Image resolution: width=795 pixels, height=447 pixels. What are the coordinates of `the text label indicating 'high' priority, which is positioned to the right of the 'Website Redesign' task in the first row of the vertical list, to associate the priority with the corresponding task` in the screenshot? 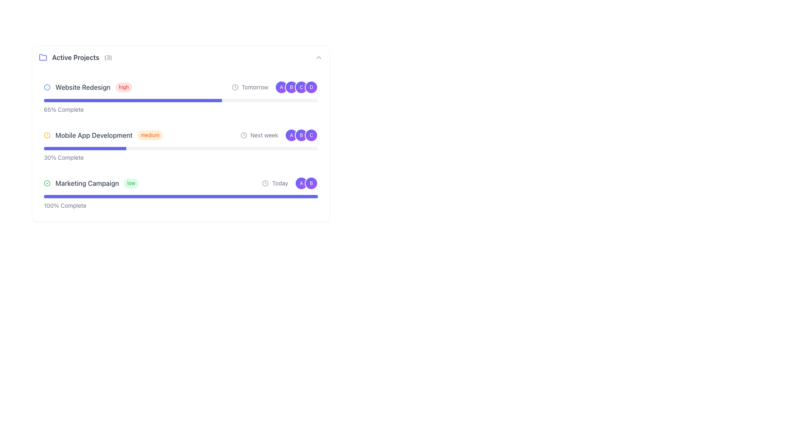 It's located at (123, 87).